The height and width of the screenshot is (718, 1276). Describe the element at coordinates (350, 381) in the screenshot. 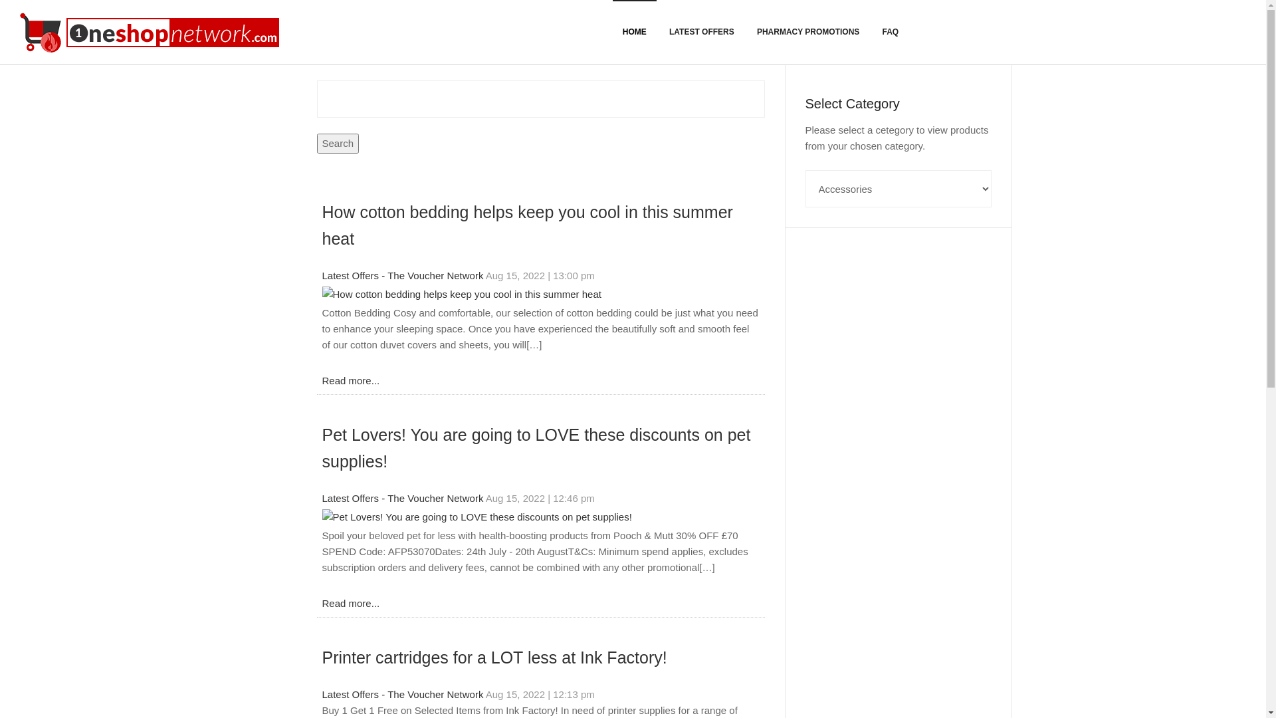

I see `'Read more...'` at that location.